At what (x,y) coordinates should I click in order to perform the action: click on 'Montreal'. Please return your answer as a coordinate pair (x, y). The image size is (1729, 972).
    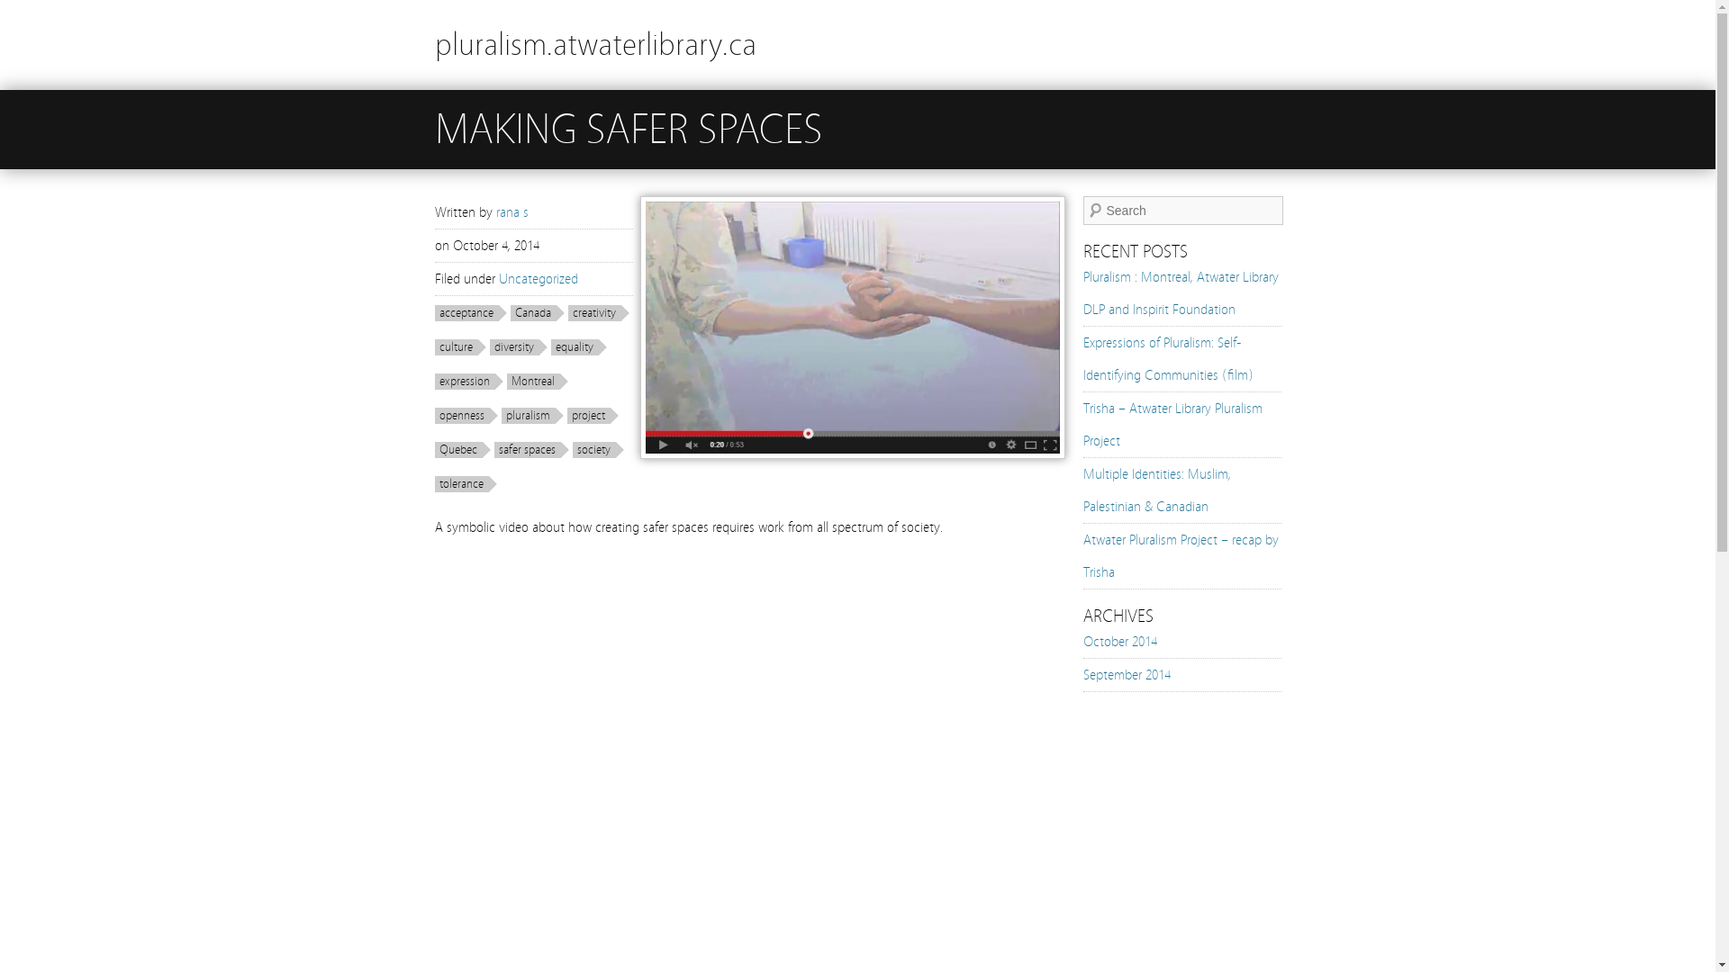
    Looking at the image, I should click on (535, 381).